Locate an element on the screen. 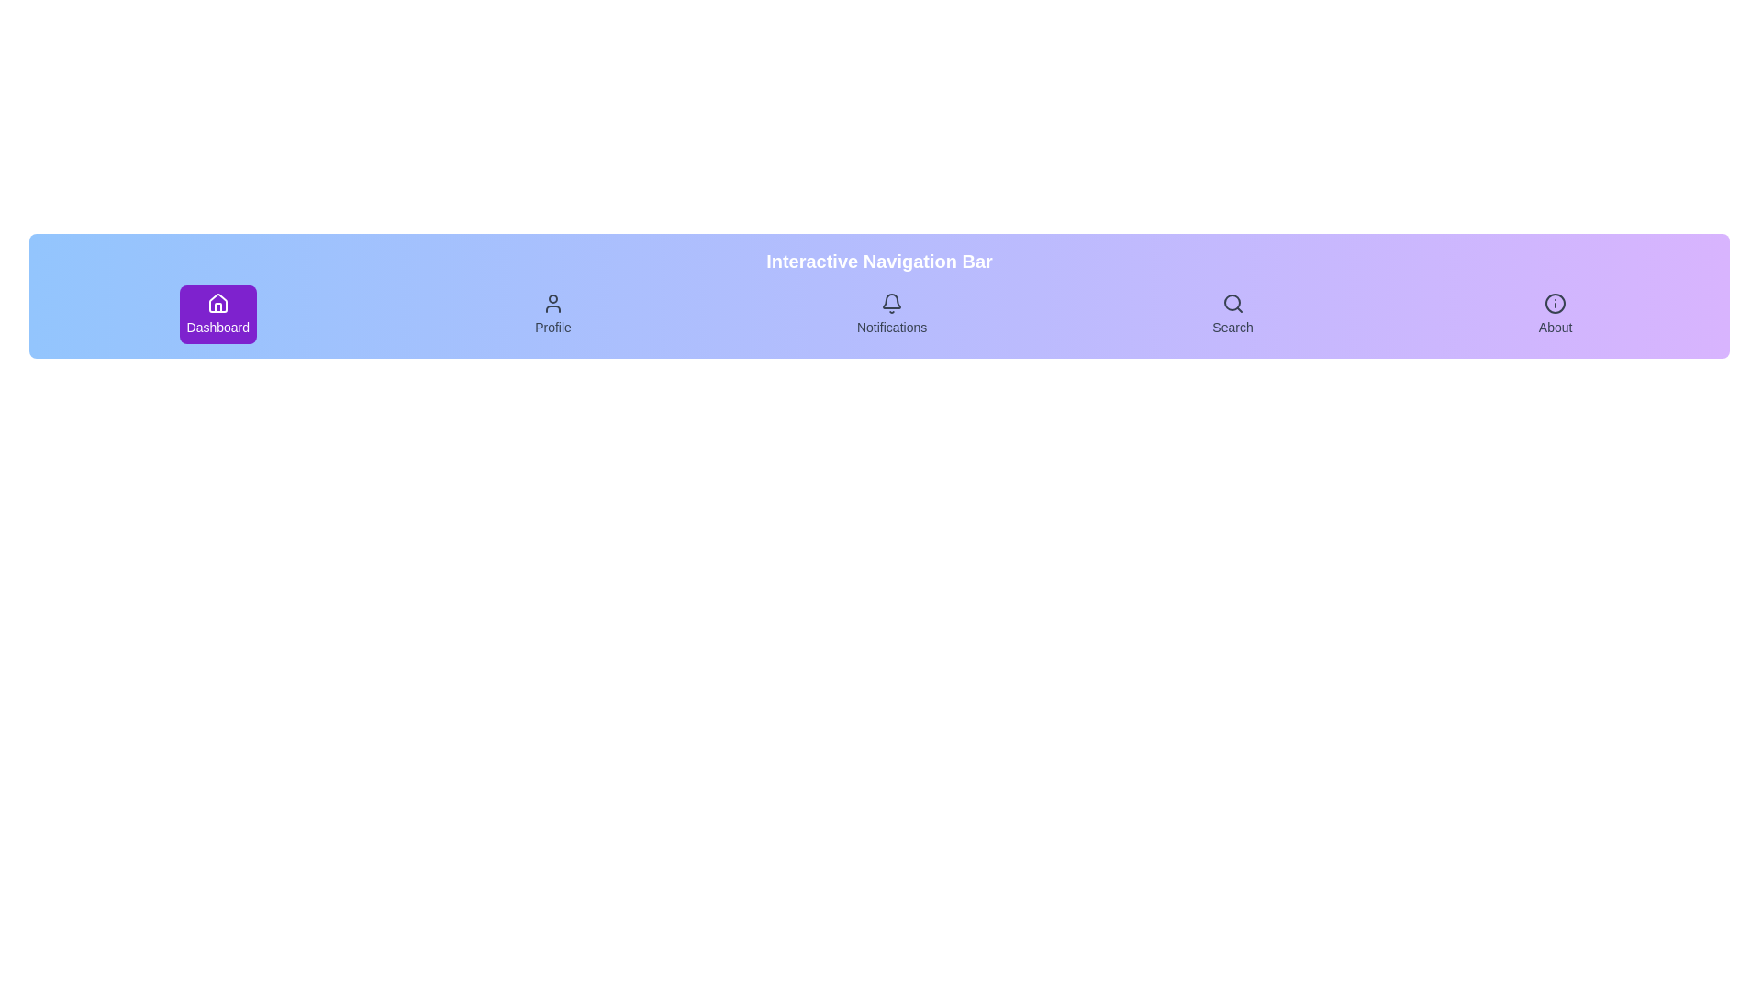 Image resolution: width=1762 pixels, height=991 pixels. the icon of the navigation item About is located at coordinates (1555, 303).